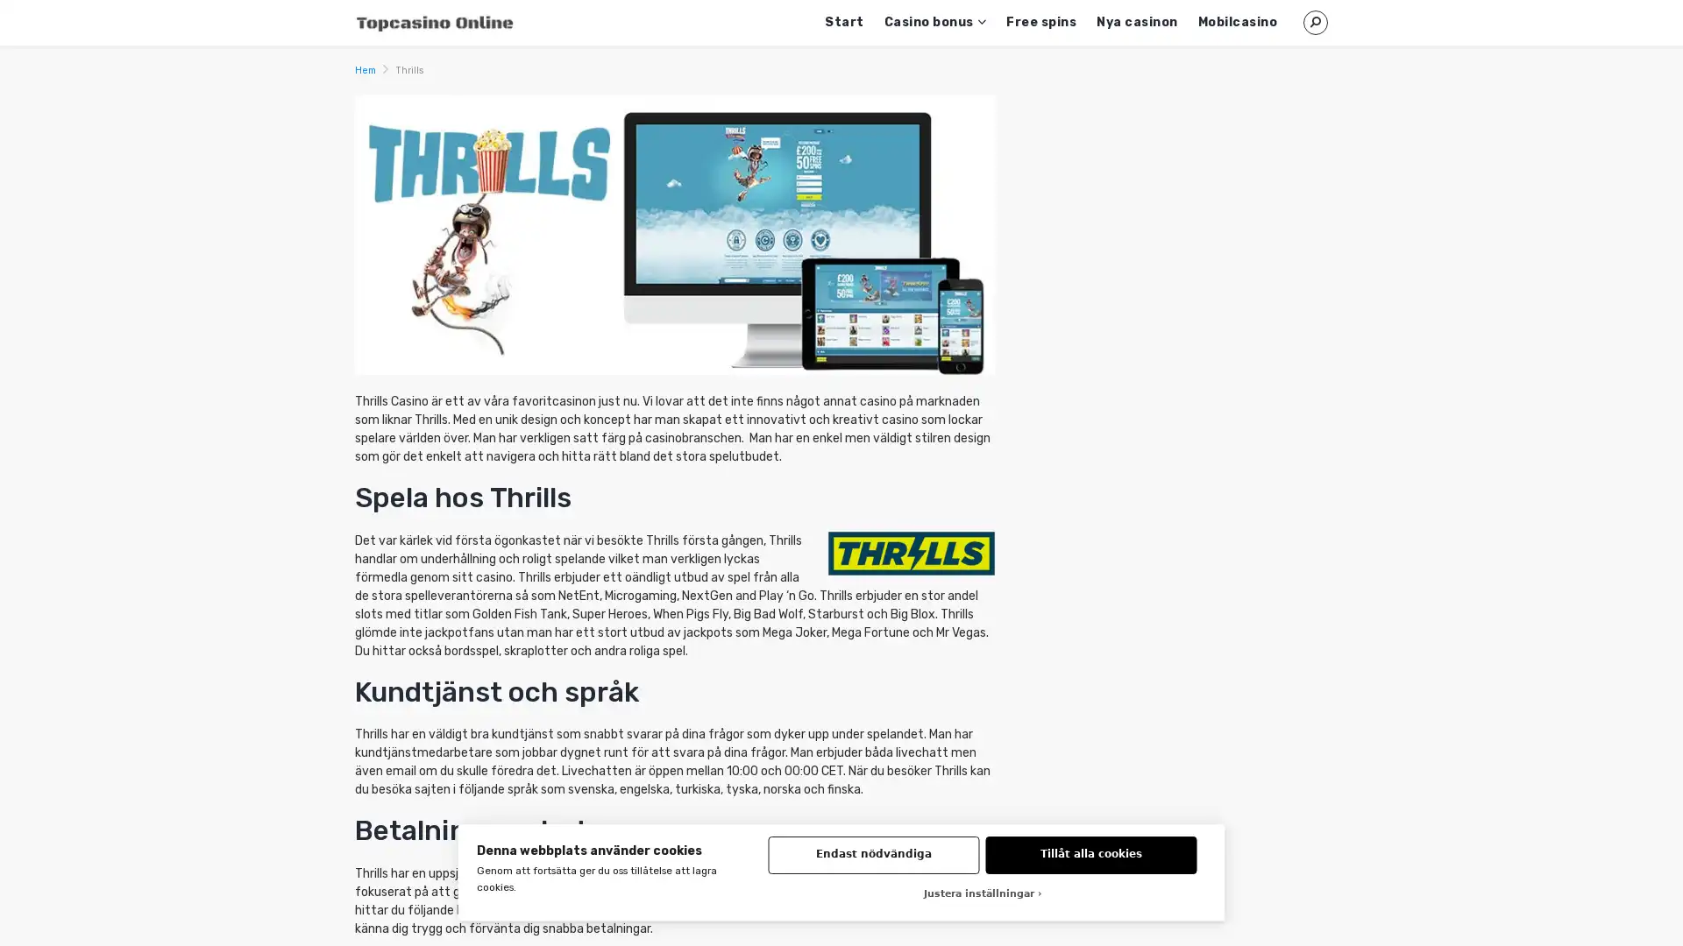 Image resolution: width=1683 pixels, height=946 pixels. Describe the element at coordinates (873, 853) in the screenshot. I see `Endast nodvandiga` at that location.